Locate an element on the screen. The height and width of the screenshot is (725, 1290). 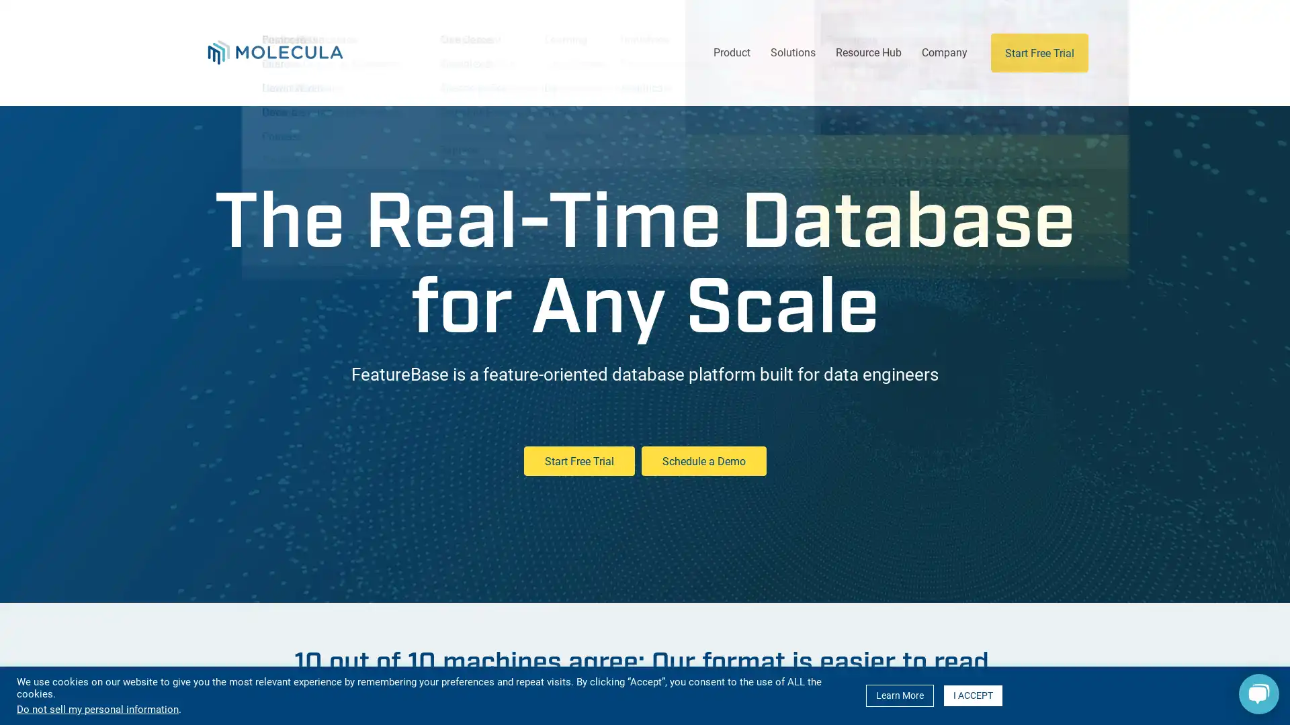
Learn More is located at coordinates (900, 695).